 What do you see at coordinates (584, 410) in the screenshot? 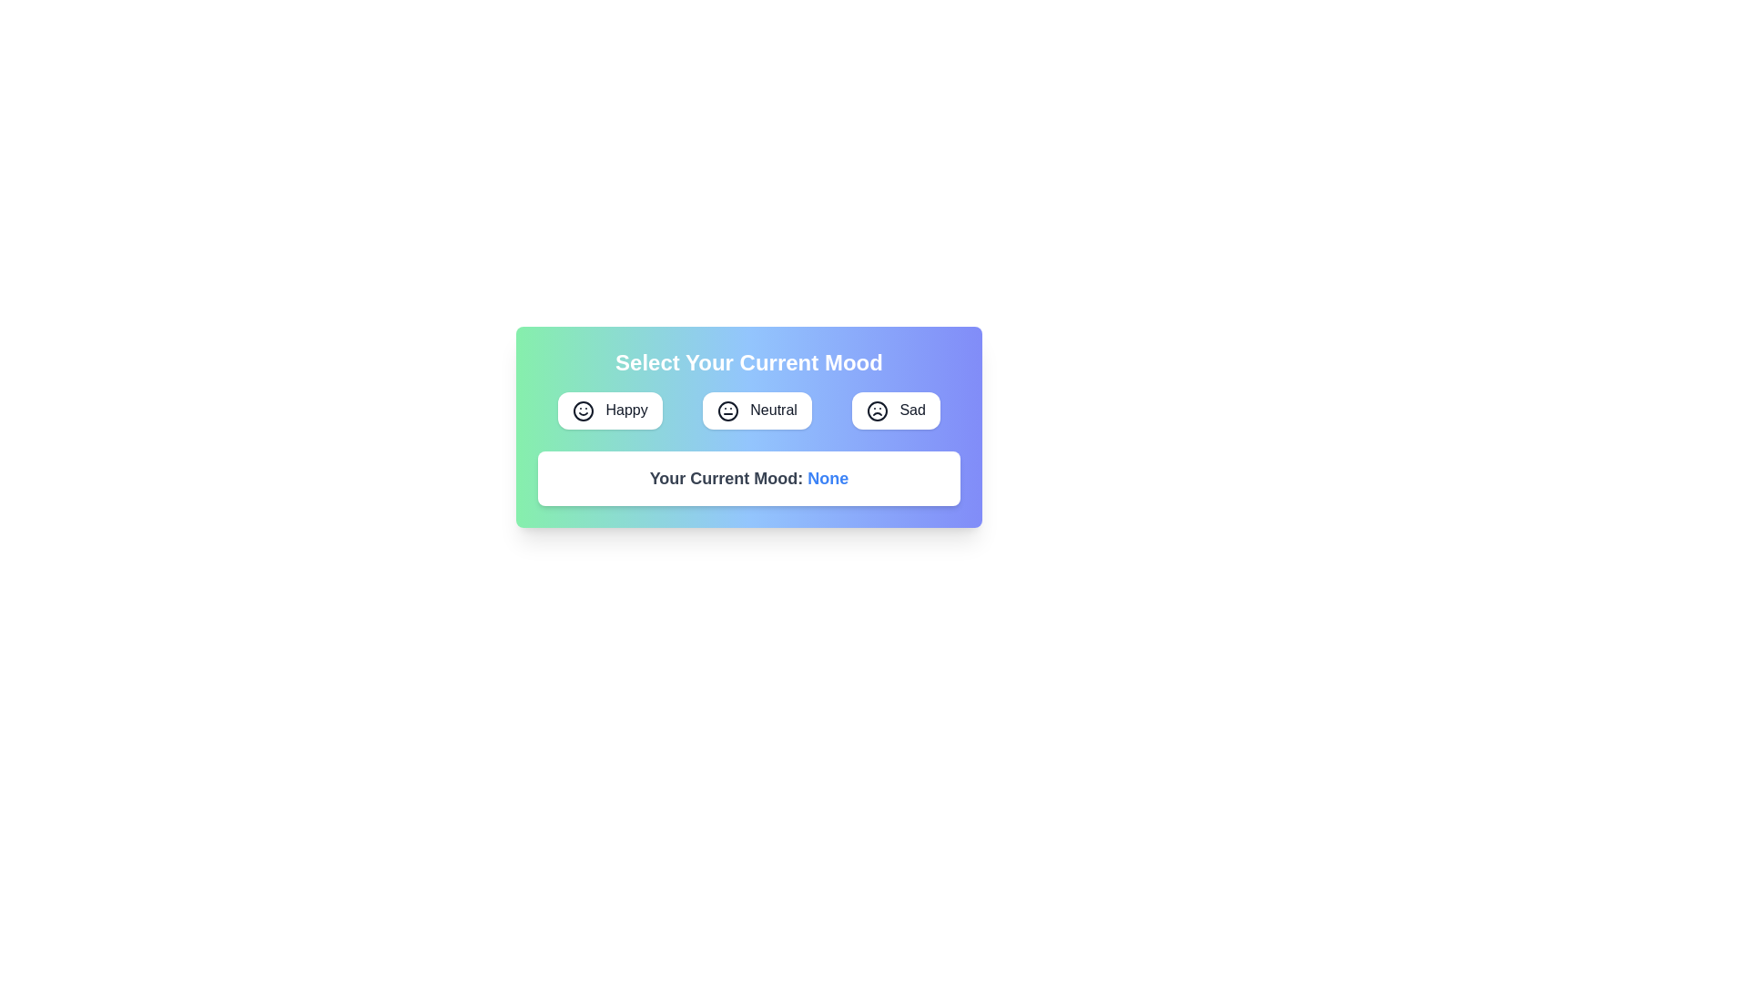
I see `the circular vector graphic element located within the first button of the mood selector, which is part of the smiley face icon aligned to the left of the 'Happy' text` at bounding box center [584, 410].